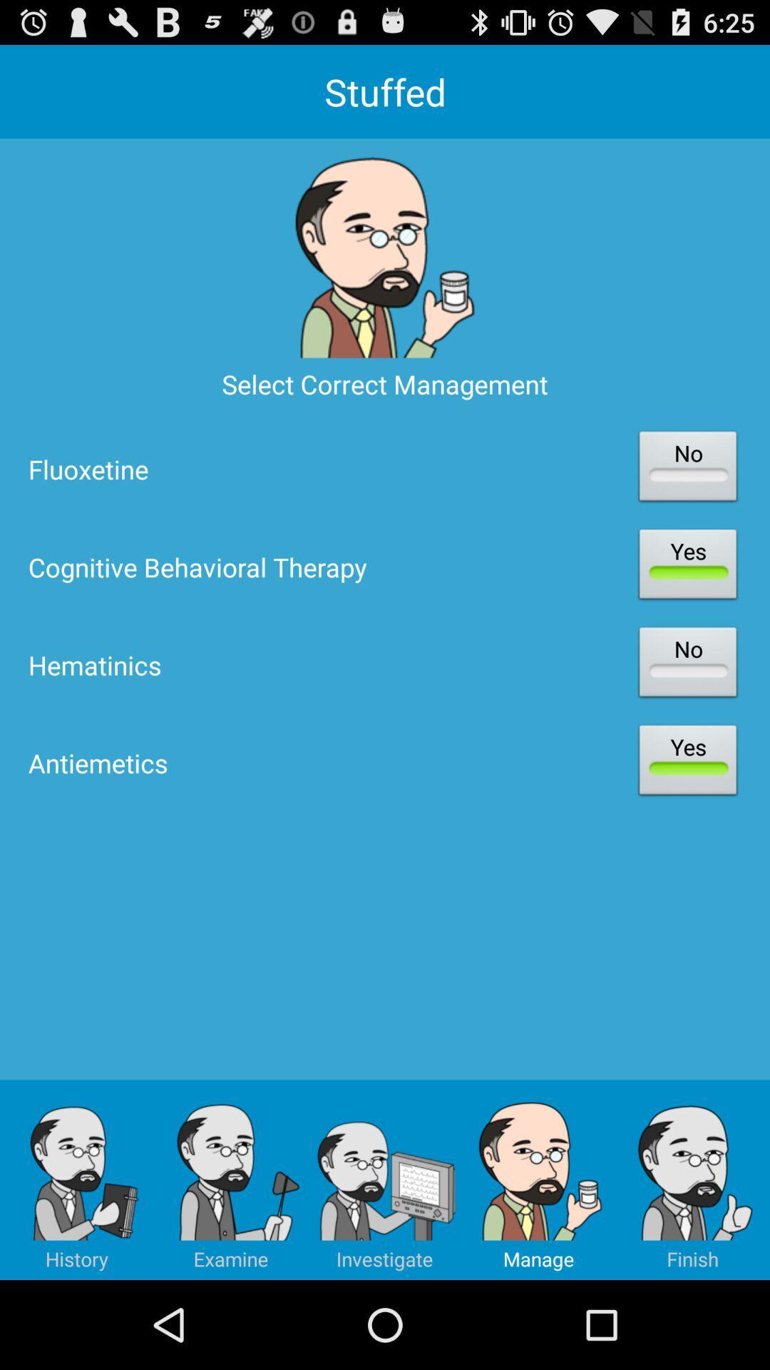  Describe the element at coordinates (385, 1179) in the screenshot. I see `icon at the bottom` at that location.